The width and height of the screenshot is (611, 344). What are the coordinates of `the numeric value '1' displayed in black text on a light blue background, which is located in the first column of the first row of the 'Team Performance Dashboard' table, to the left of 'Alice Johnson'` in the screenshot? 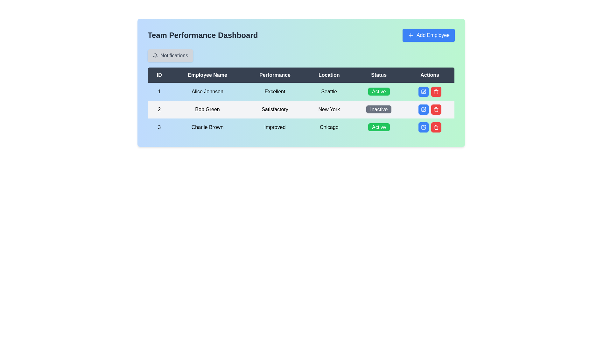 It's located at (159, 92).